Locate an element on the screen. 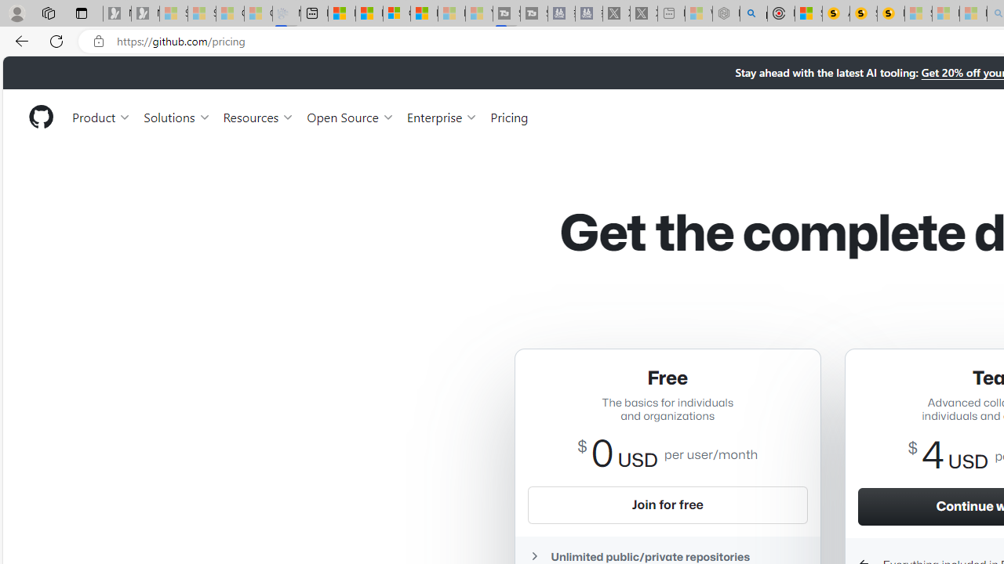  'Michelle Starr, Senior Journalist at ScienceAlert' is located at coordinates (891, 13).